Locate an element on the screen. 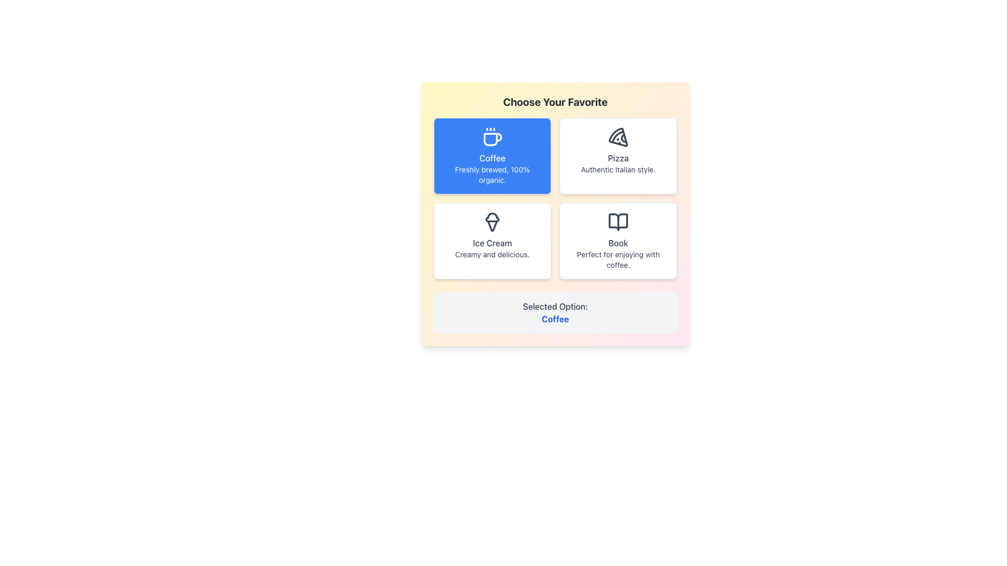  the coffee cup icon, which is visually styled with a clean white stroke on a blue background, located in the top-left module of the grid layout under the 'Coffee' section is located at coordinates (492, 137).